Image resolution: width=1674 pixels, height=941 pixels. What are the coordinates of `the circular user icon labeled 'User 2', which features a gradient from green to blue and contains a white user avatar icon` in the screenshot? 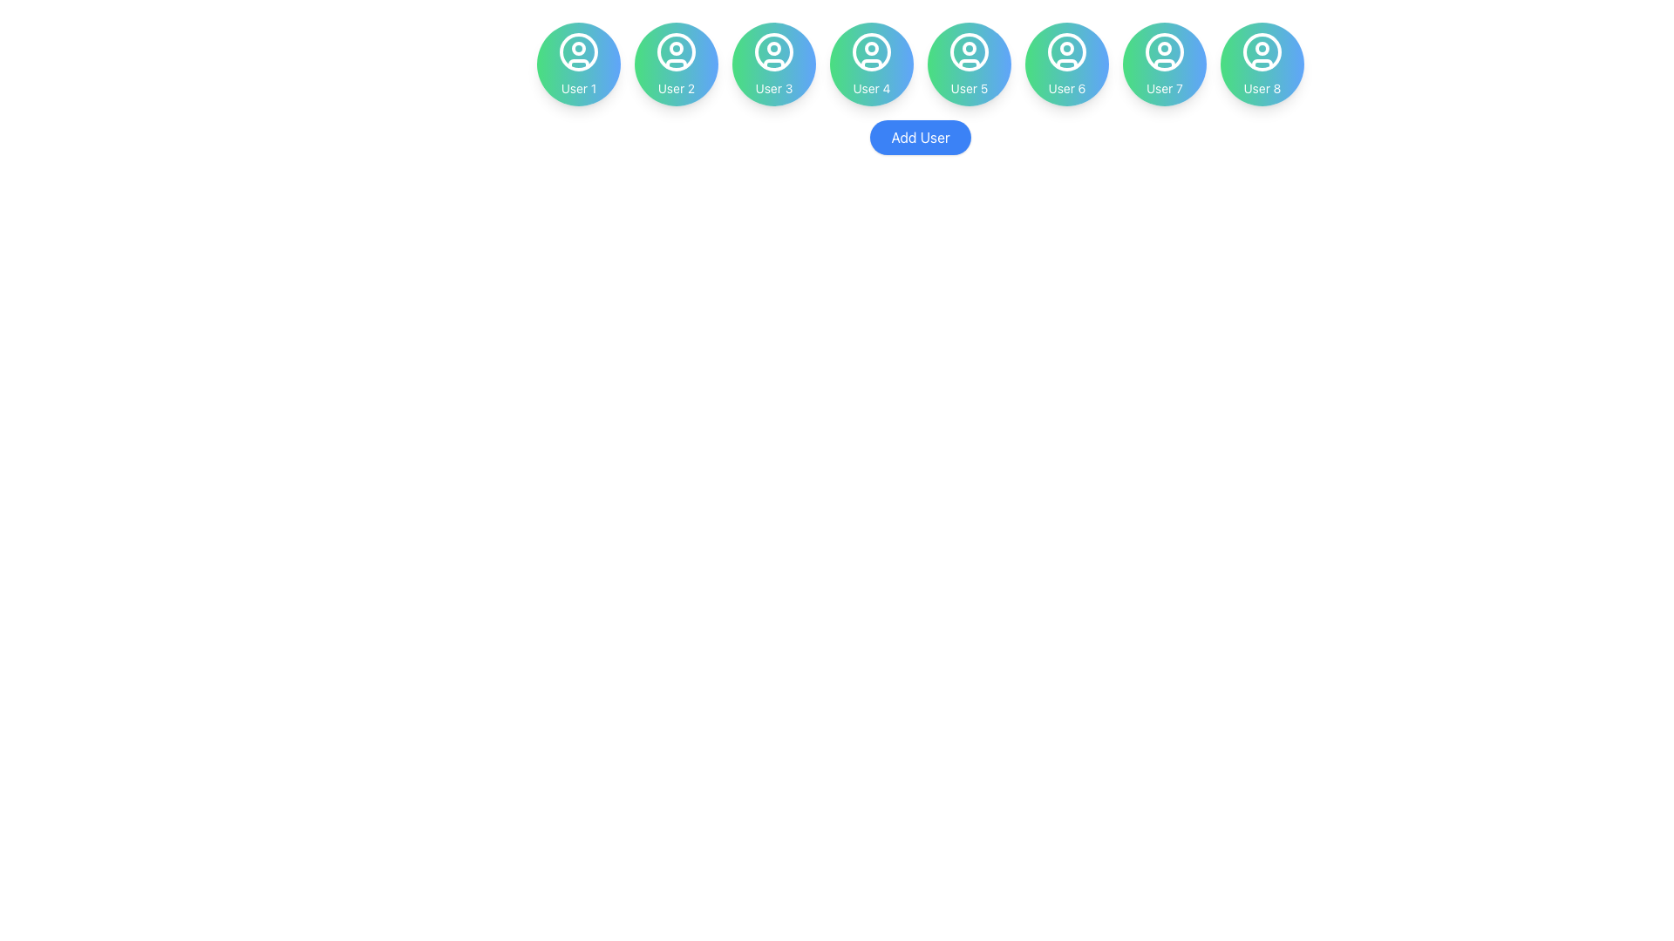 It's located at (676, 51).